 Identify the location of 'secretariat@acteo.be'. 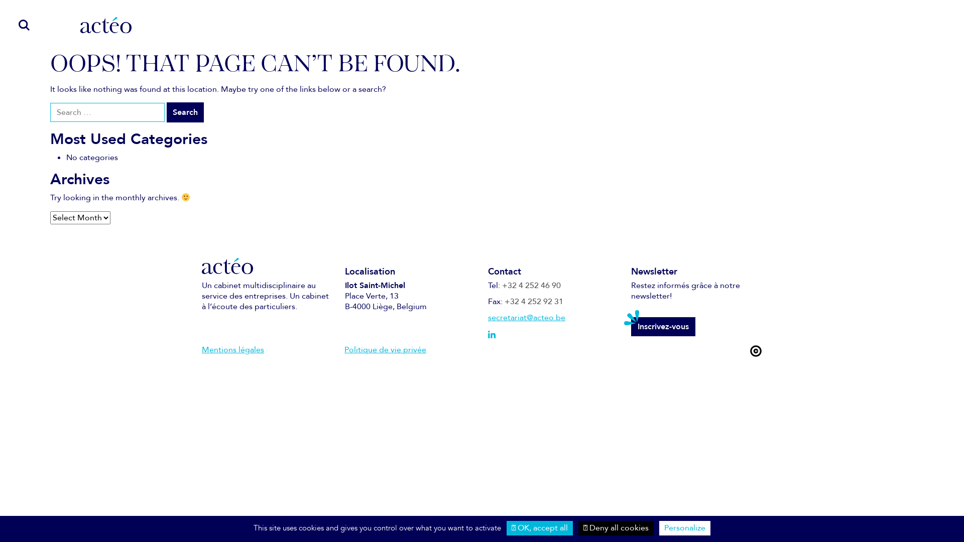
(526, 317).